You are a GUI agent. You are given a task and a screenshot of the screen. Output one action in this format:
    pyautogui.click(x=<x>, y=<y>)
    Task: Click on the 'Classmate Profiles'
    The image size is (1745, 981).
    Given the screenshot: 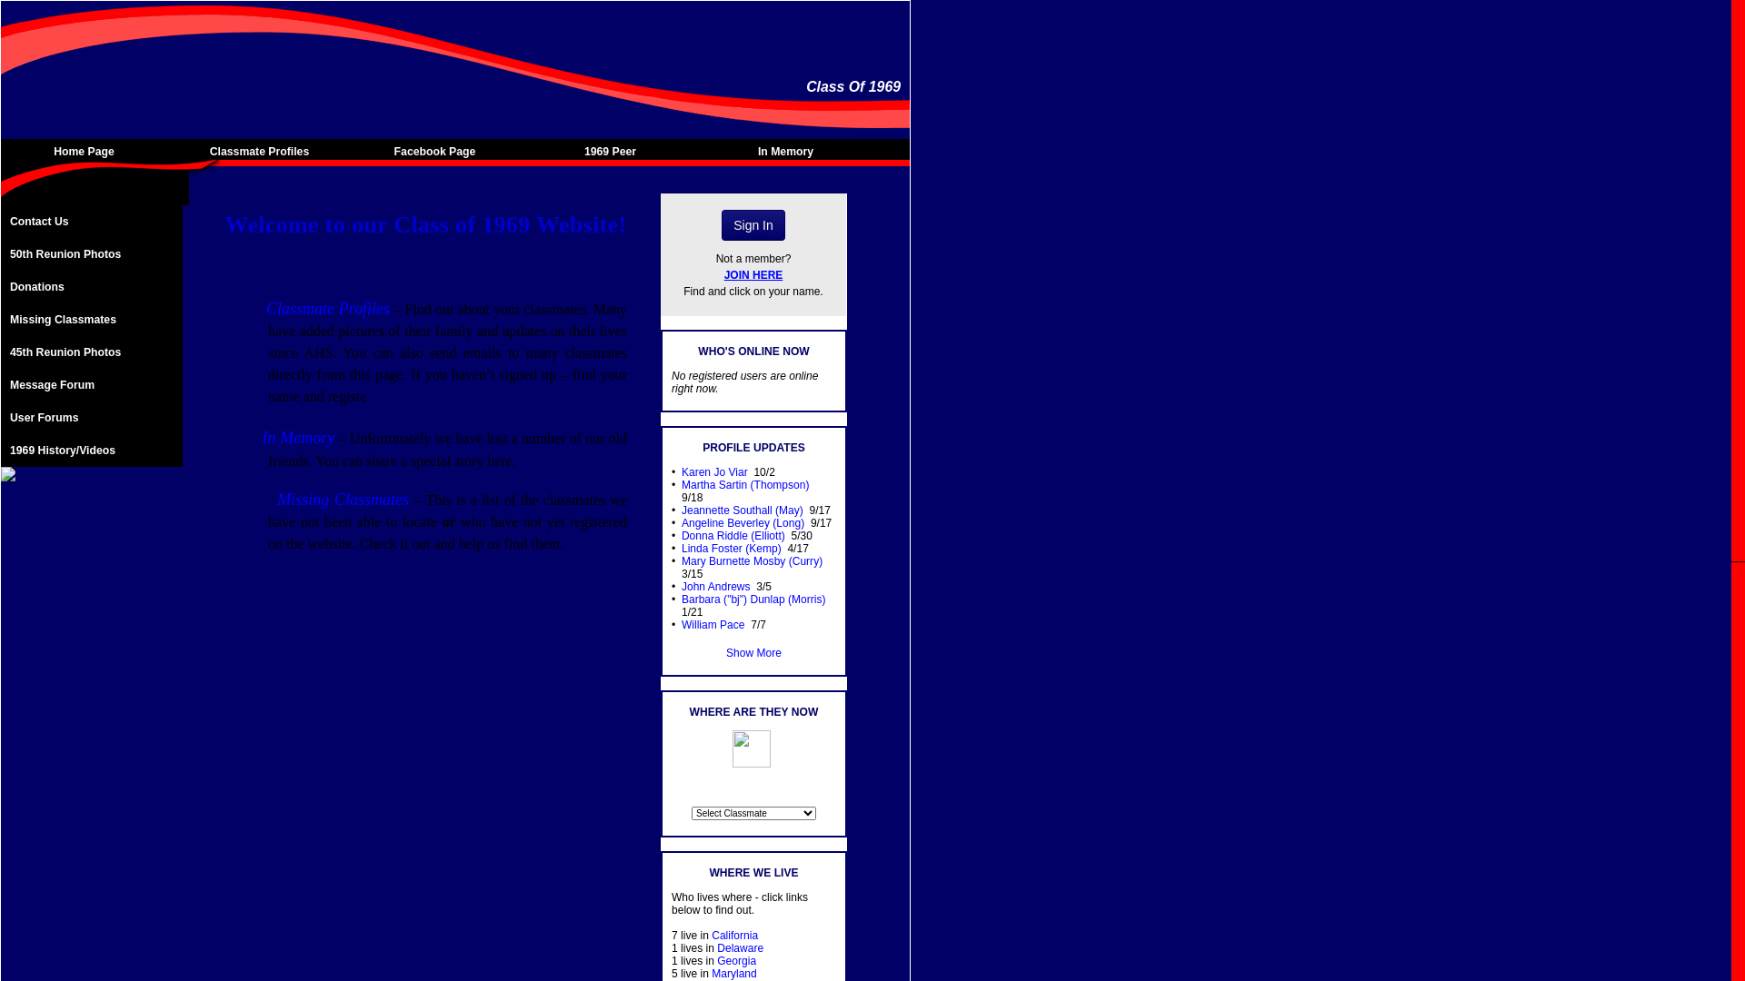 What is the action you would take?
    pyautogui.click(x=263, y=150)
    